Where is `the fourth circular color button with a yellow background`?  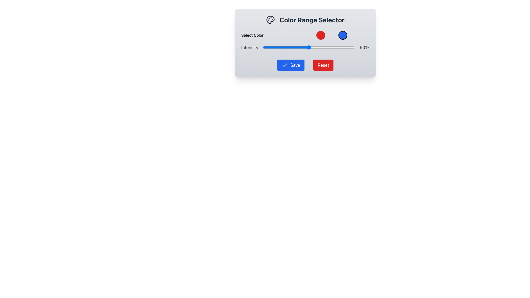 the fourth circular color button with a yellow background is located at coordinates (354, 35).